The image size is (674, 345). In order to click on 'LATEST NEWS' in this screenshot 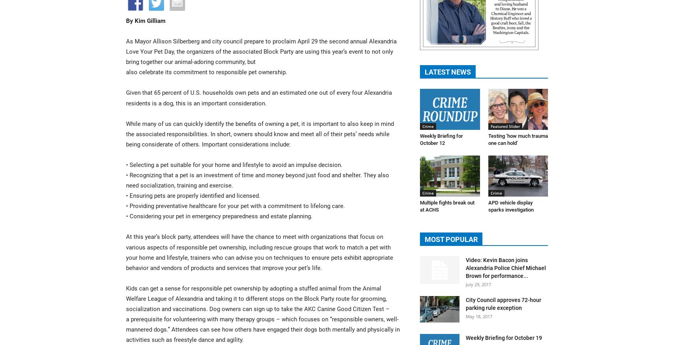, I will do `click(448, 71)`.